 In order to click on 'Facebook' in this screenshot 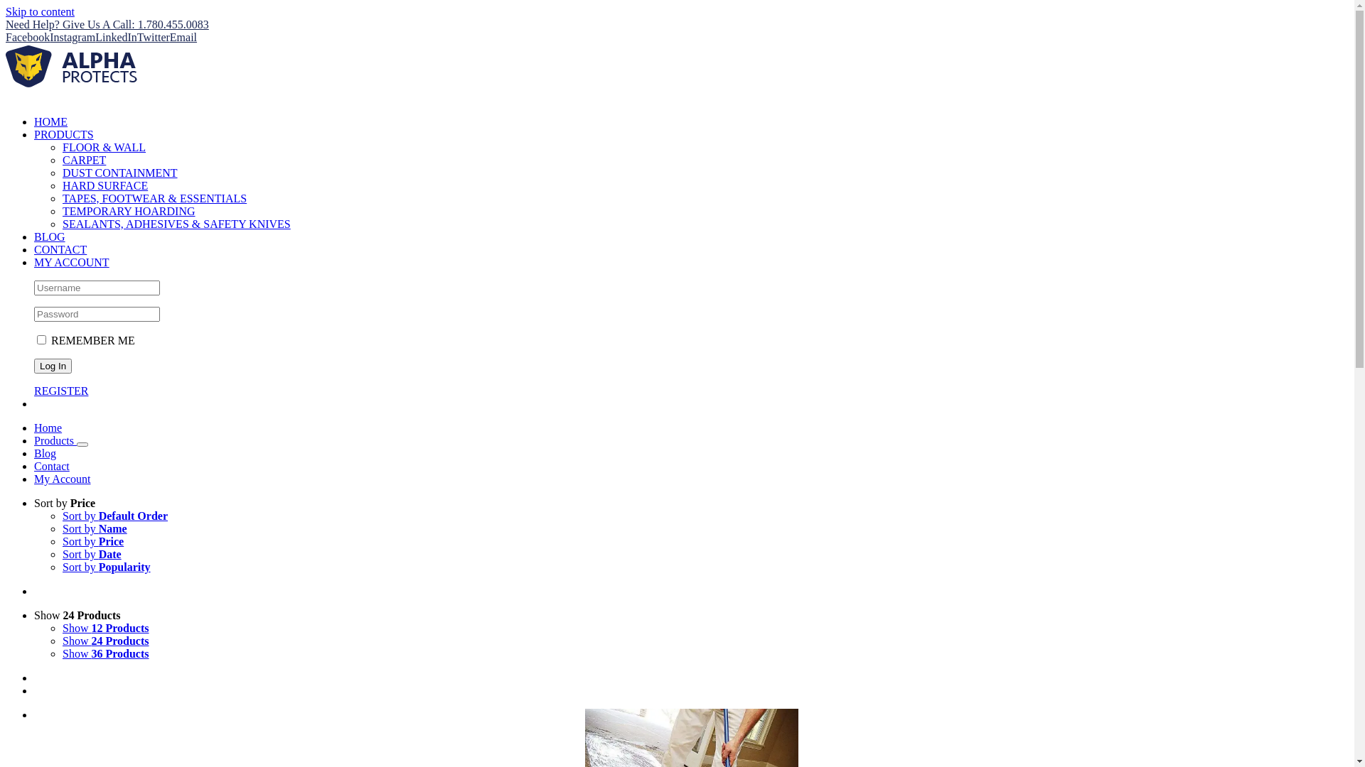, I will do `click(27, 36)`.